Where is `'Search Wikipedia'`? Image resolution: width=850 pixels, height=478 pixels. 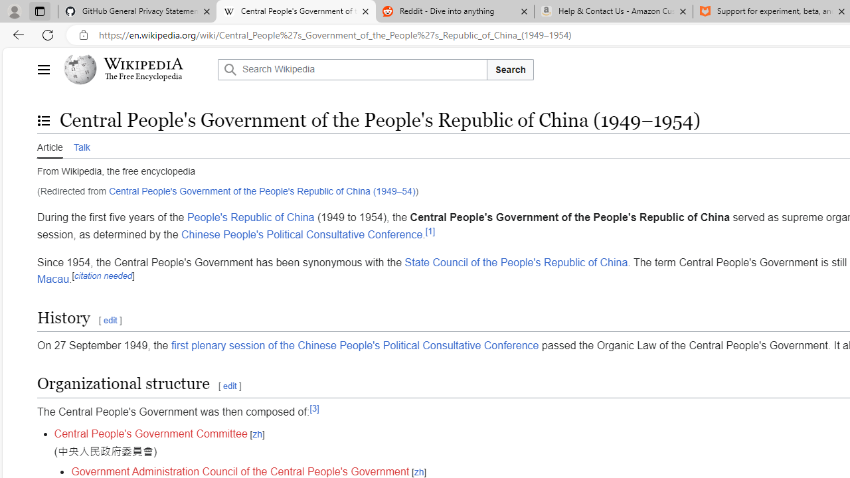
'Search Wikipedia' is located at coordinates (353, 70).